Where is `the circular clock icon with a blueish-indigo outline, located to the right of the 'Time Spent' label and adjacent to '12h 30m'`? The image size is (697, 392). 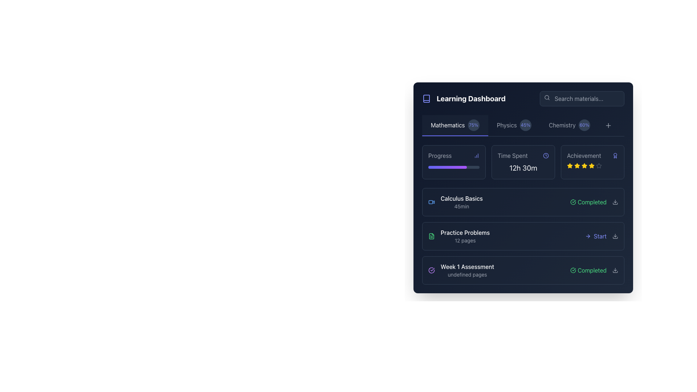 the circular clock icon with a blueish-indigo outline, located to the right of the 'Time Spent' label and adjacent to '12h 30m' is located at coordinates (546, 155).